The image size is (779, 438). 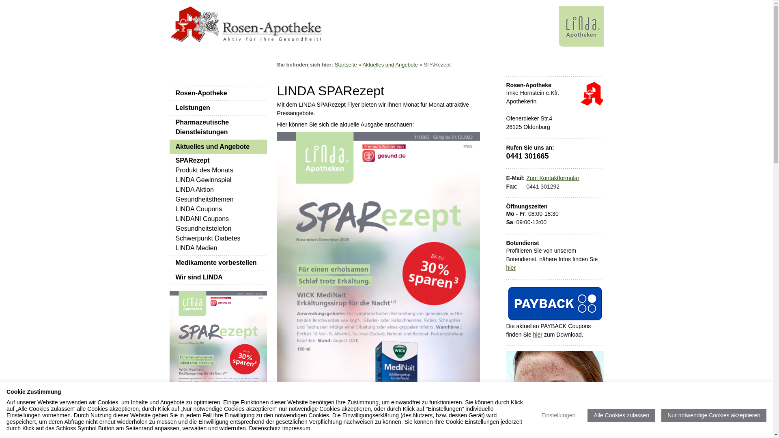 What do you see at coordinates (265, 428) in the screenshot?
I see `'Datenschutz'` at bounding box center [265, 428].